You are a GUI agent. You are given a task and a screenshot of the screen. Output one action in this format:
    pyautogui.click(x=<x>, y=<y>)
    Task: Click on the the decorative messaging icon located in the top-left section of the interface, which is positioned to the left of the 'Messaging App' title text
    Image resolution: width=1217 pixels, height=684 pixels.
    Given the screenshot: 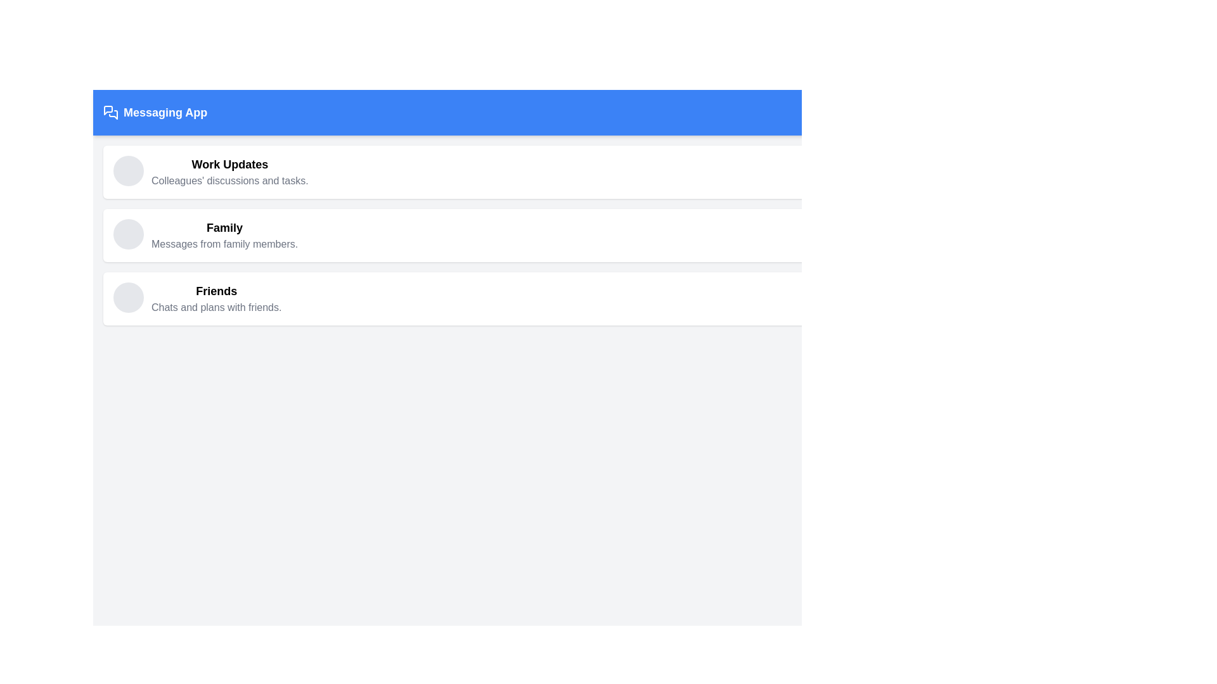 What is the action you would take?
    pyautogui.click(x=110, y=111)
    